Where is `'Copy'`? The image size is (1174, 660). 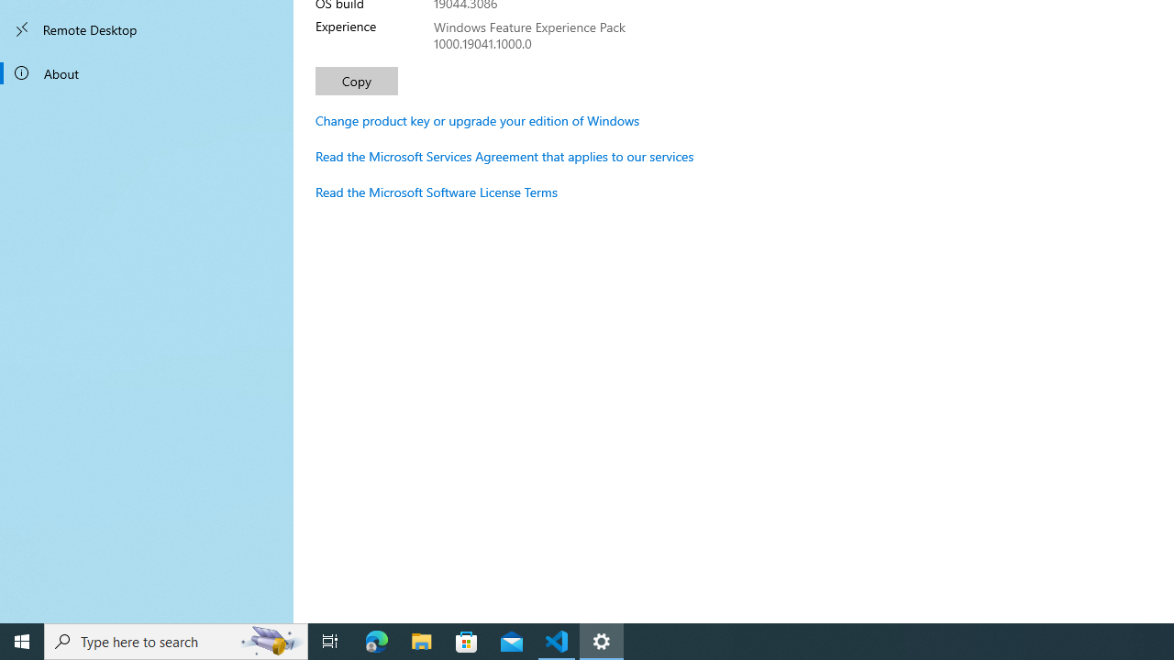
'Copy' is located at coordinates (357, 80).